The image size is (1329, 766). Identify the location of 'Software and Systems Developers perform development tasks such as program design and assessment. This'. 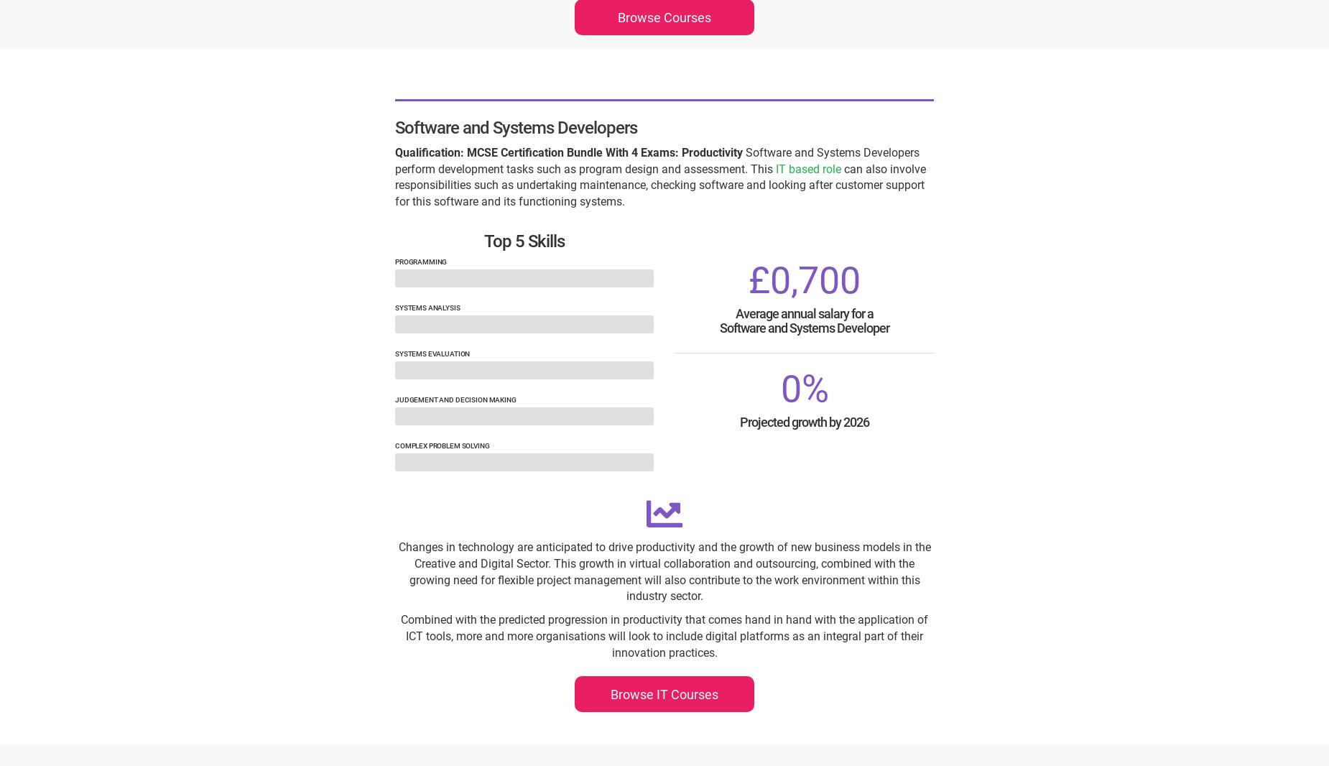
(657, 160).